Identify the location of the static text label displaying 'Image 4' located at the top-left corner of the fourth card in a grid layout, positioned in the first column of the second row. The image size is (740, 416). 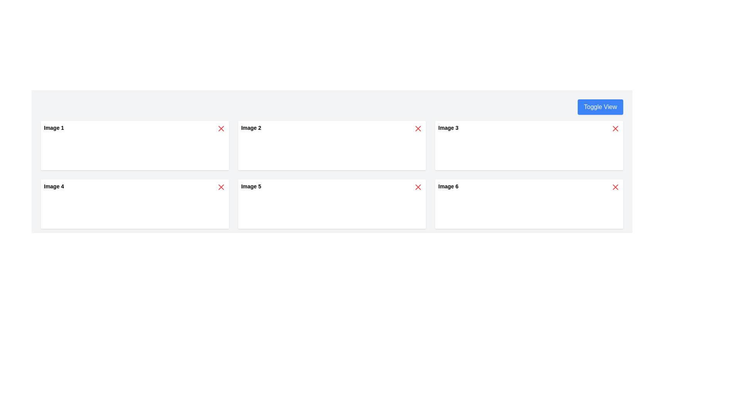
(54, 186).